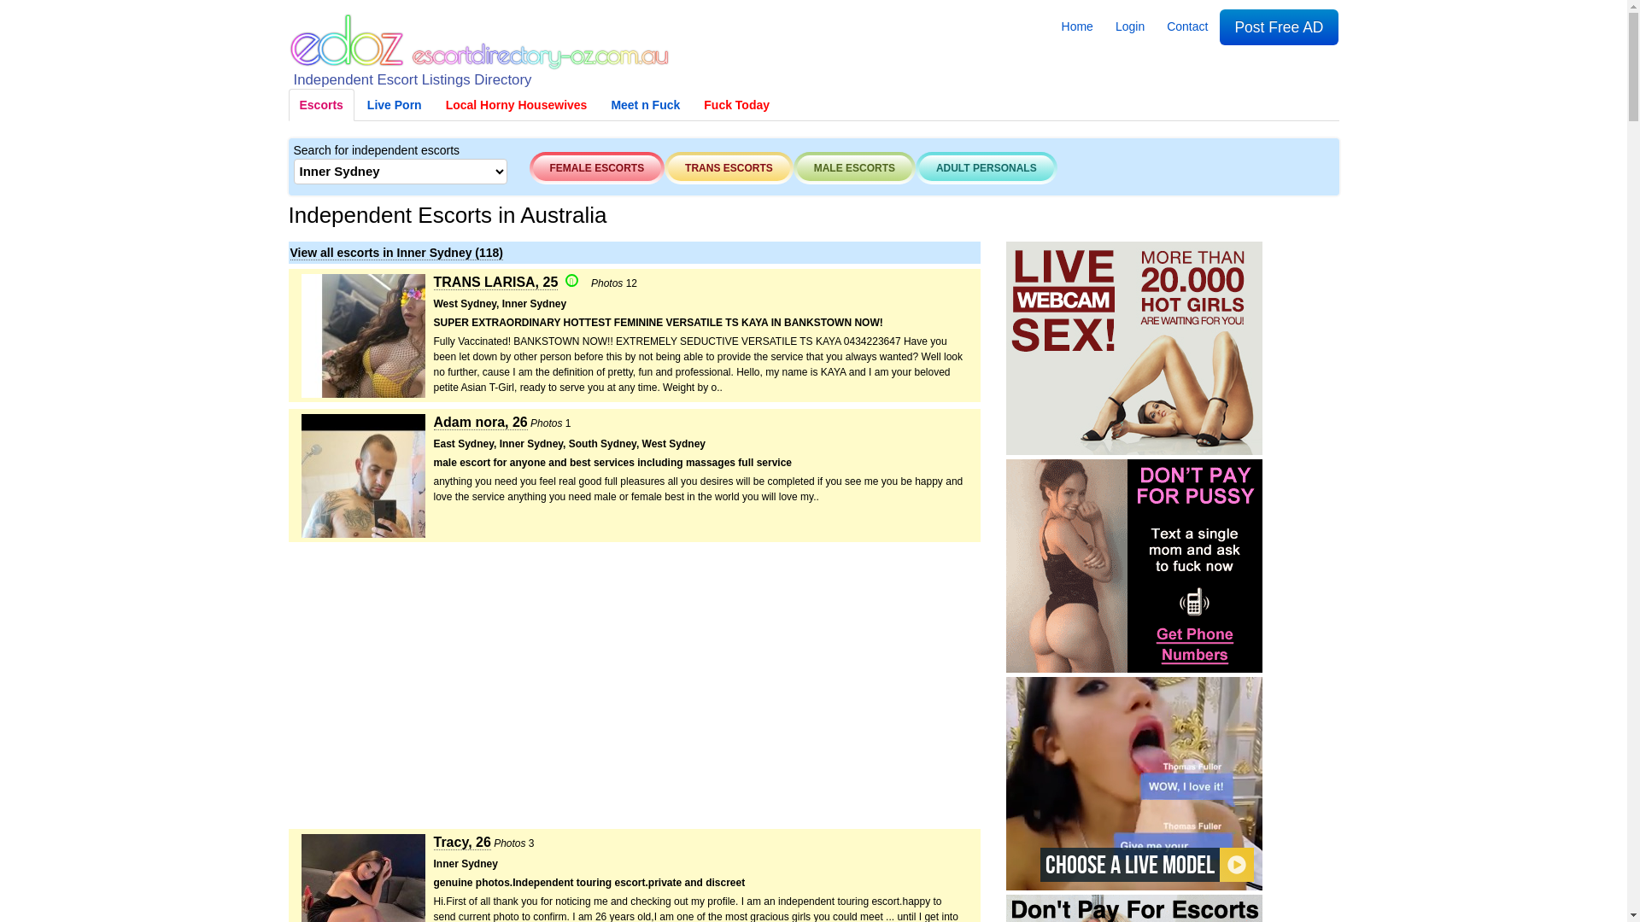 The width and height of the screenshot is (1640, 922). I want to click on 'View all escorts in Inner Sydney (118)', so click(396, 253).